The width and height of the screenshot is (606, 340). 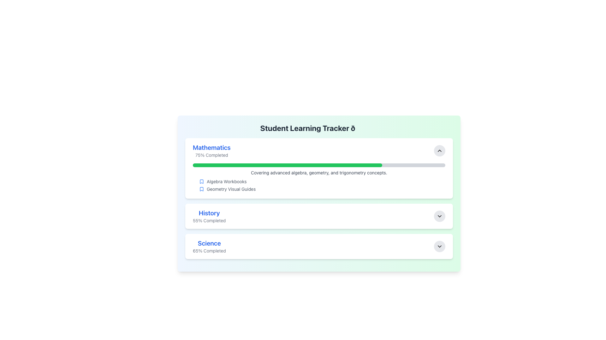 What do you see at coordinates (439, 246) in the screenshot?
I see `the circular button containing the downward-pointing chevron icon` at bounding box center [439, 246].